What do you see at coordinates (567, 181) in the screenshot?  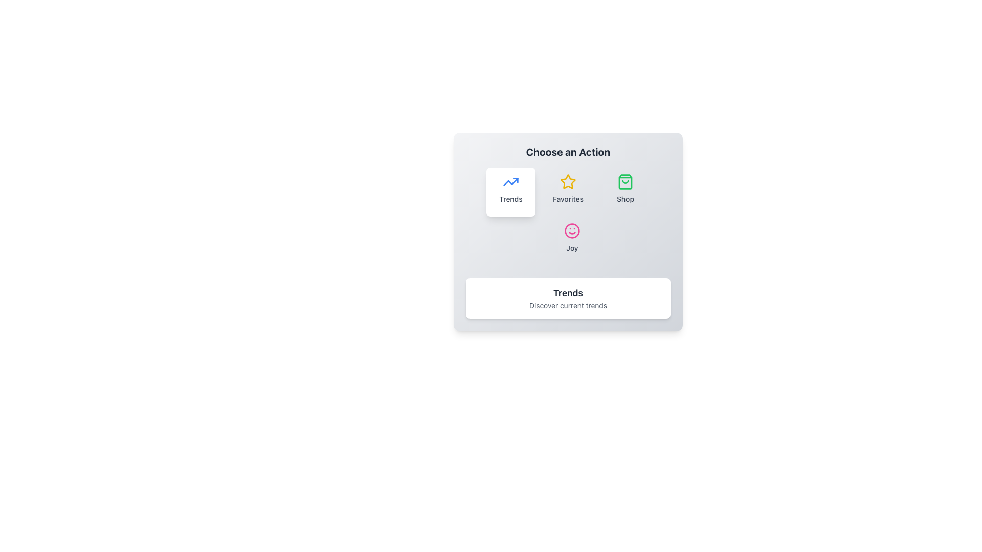 I see `the star icon representing the 'Favorites' option located in the upper central area of the interface` at bounding box center [567, 181].